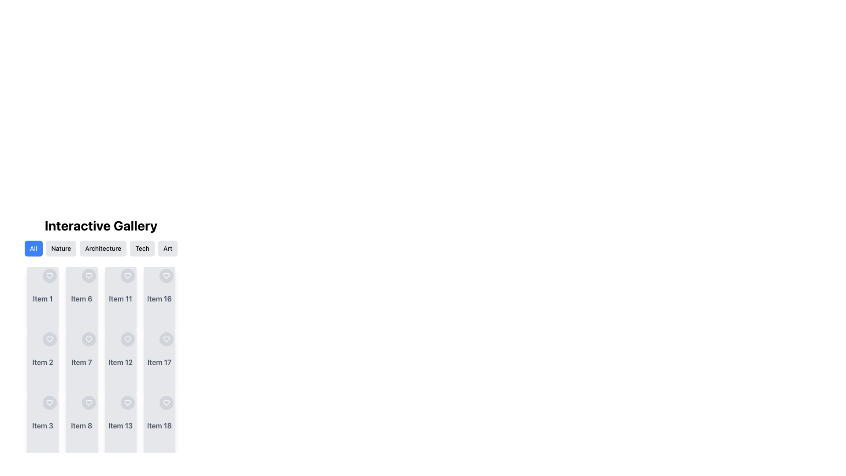 The image size is (846, 476). What do you see at coordinates (167, 403) in the screenshot?
I see `the heart-shaped icon resembling a 'like' or 'favorite' button` at bounding box center [167, 403].